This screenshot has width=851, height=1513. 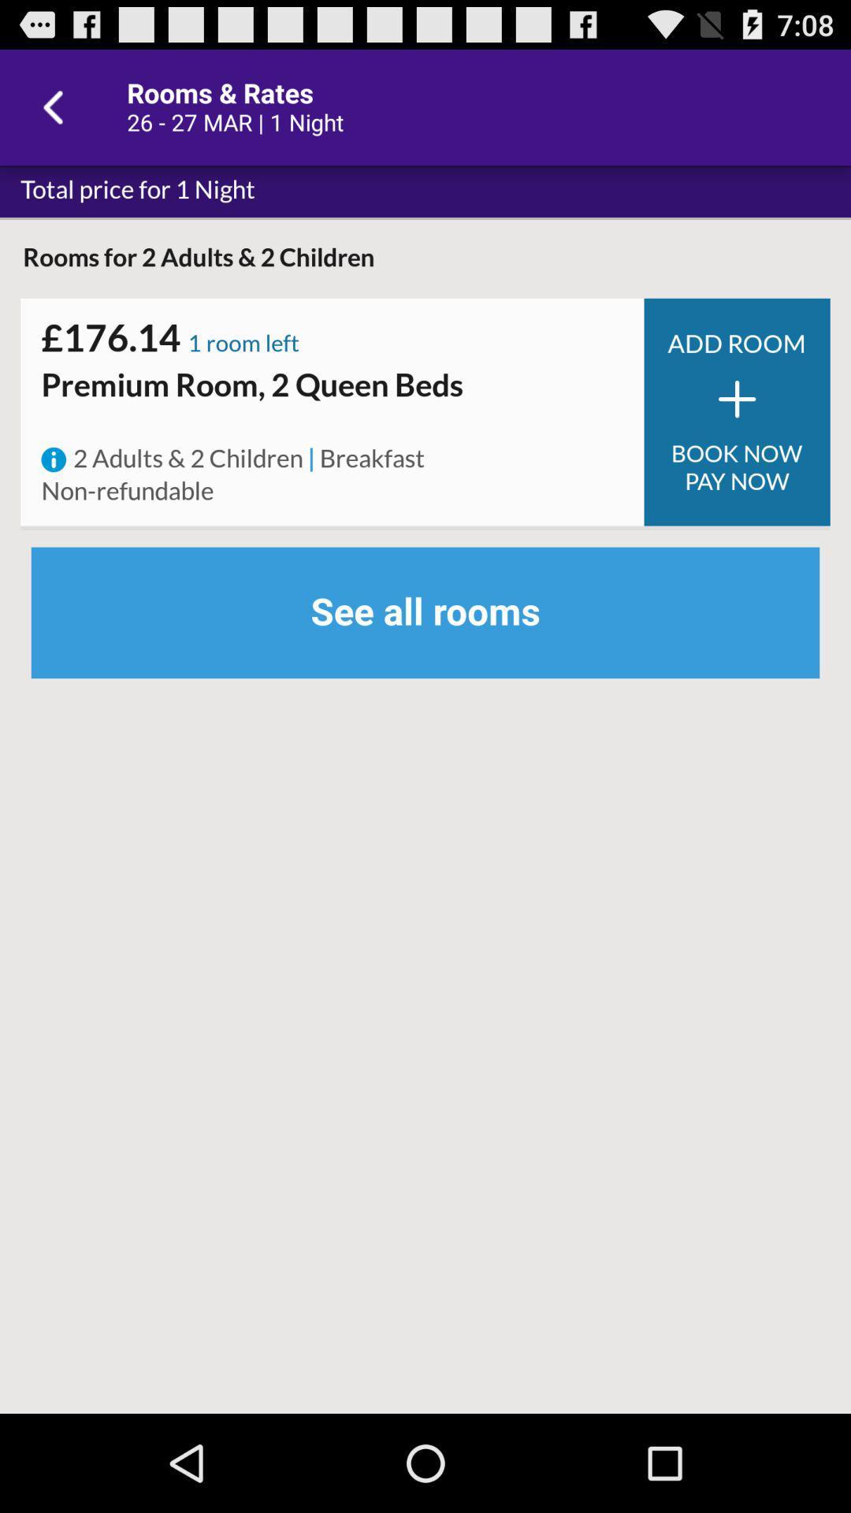 I want to click on the non-refundable item, so click(x=127, y=491).